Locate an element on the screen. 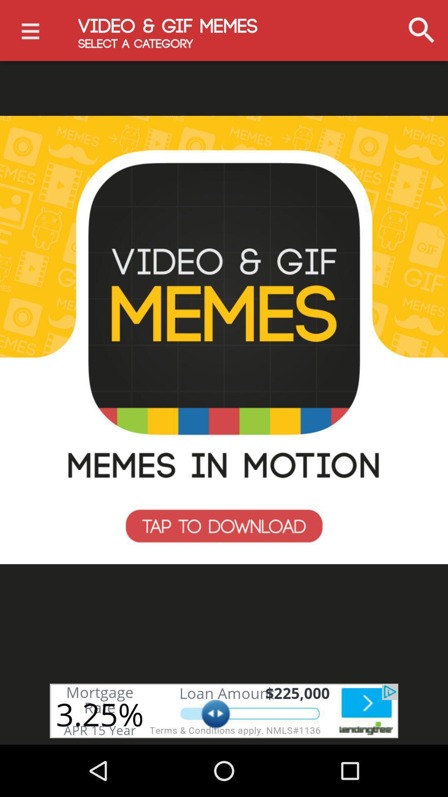 The image size is (448, 797). download is located at coordinates (224, 340).